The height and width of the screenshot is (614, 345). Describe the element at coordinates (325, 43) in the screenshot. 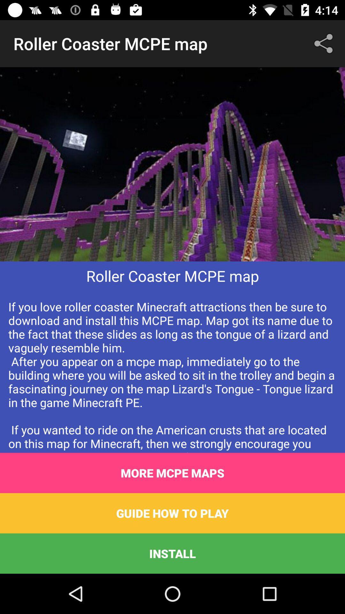

I see `icon at the top right corner` at that location.